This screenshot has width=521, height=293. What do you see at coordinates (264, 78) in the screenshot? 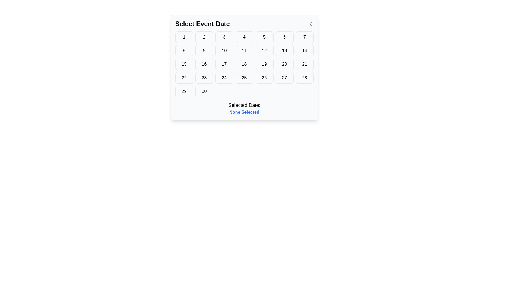
I see `the button representing the 26th day in the calendar interface` at bounding box center [264, 78].